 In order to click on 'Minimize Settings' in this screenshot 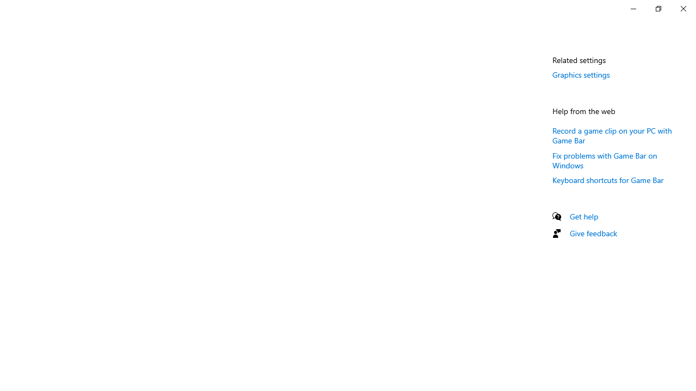, I will do `click(633, 8)`.